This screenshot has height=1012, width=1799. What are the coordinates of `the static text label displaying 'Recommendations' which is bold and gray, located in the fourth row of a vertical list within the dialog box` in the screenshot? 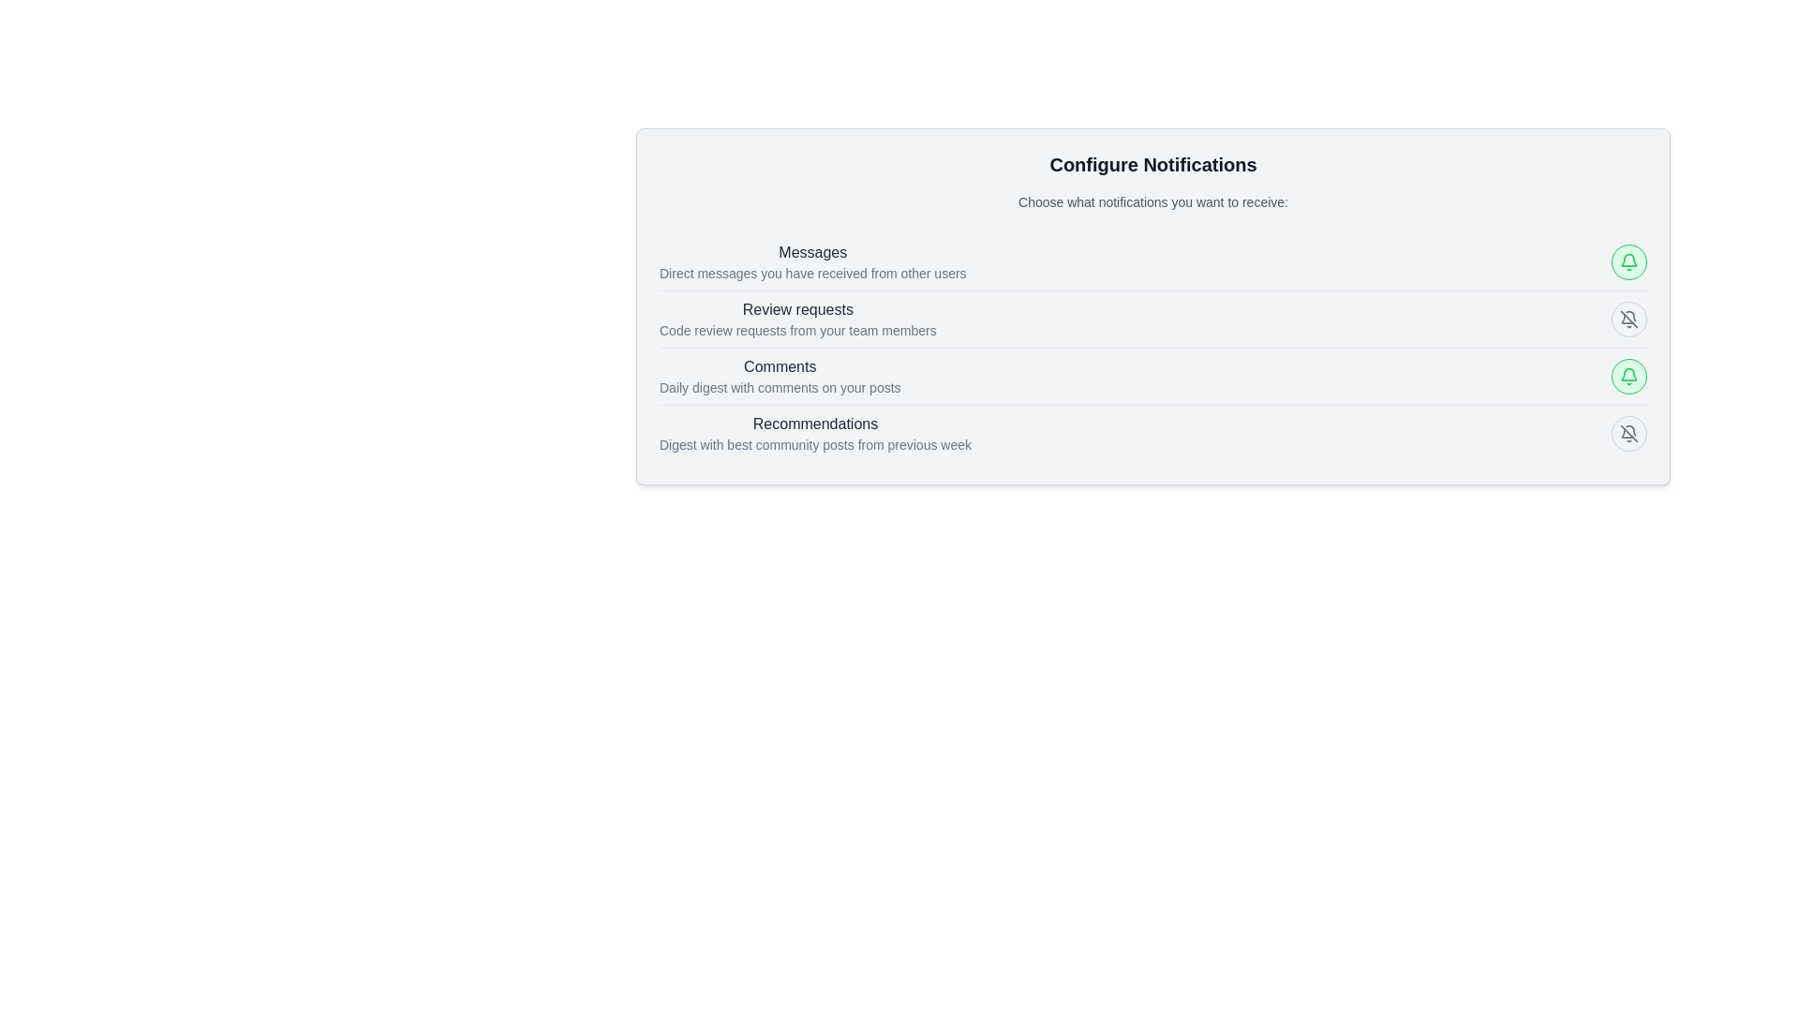 It's located at (815, 424).